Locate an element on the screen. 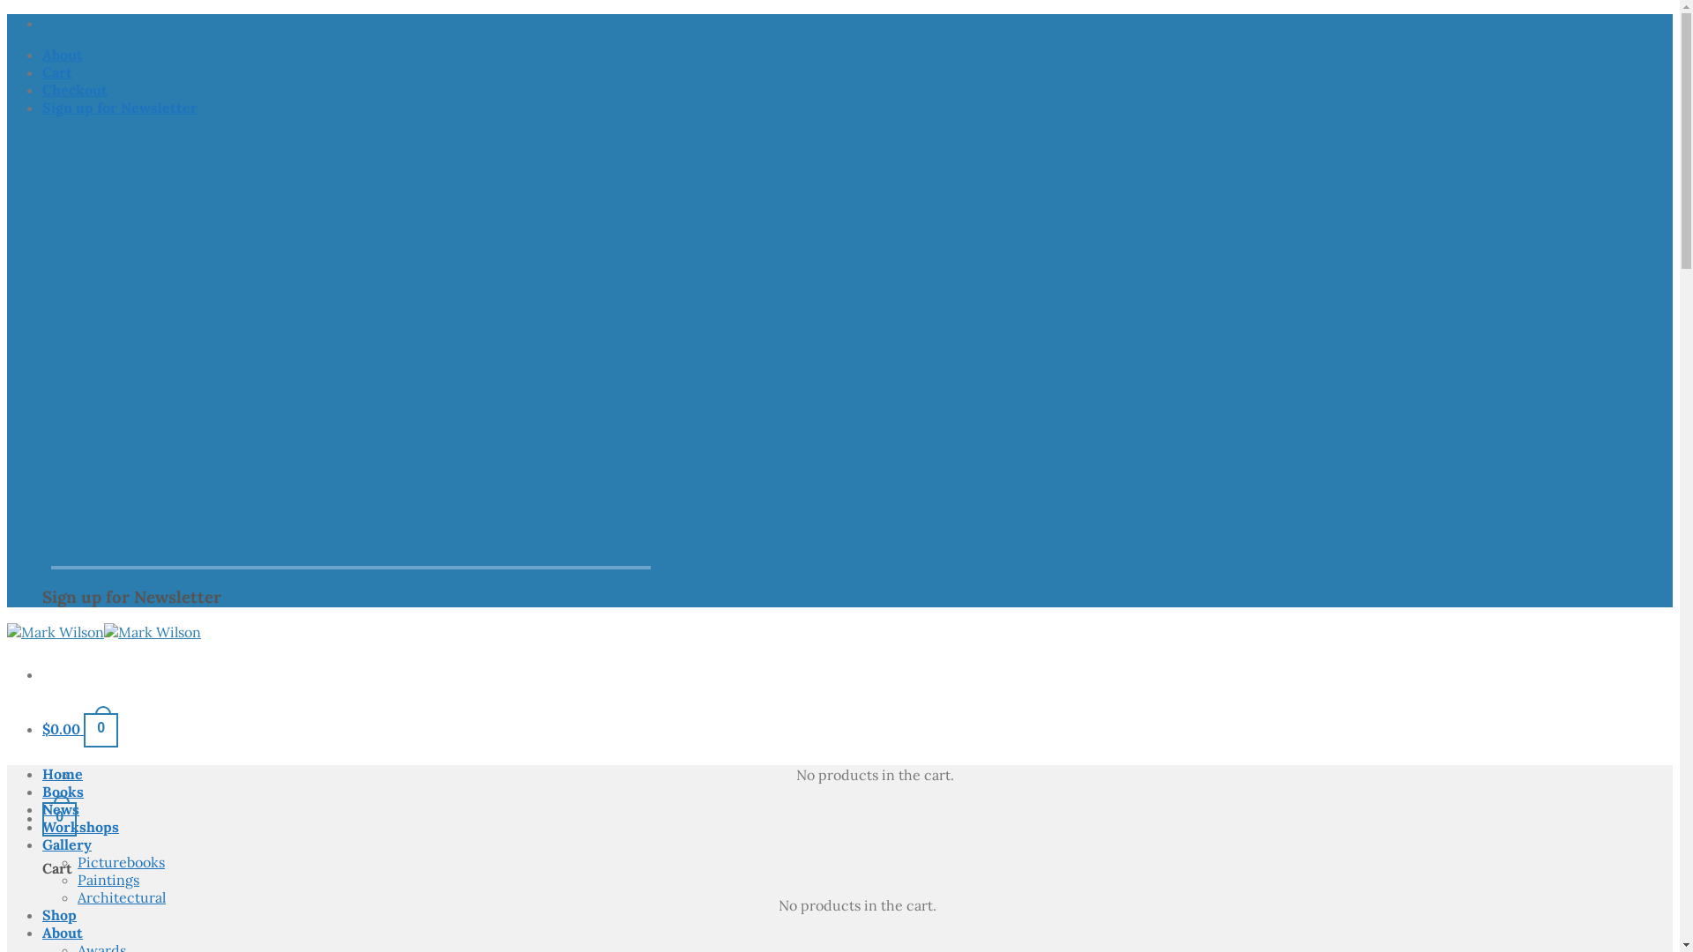  'News' is located at coordinates (60, 809).